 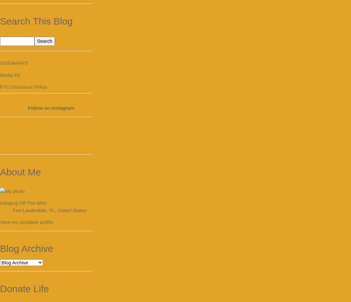 I want to click on 'Media Kit', so click(x=10, y=75).